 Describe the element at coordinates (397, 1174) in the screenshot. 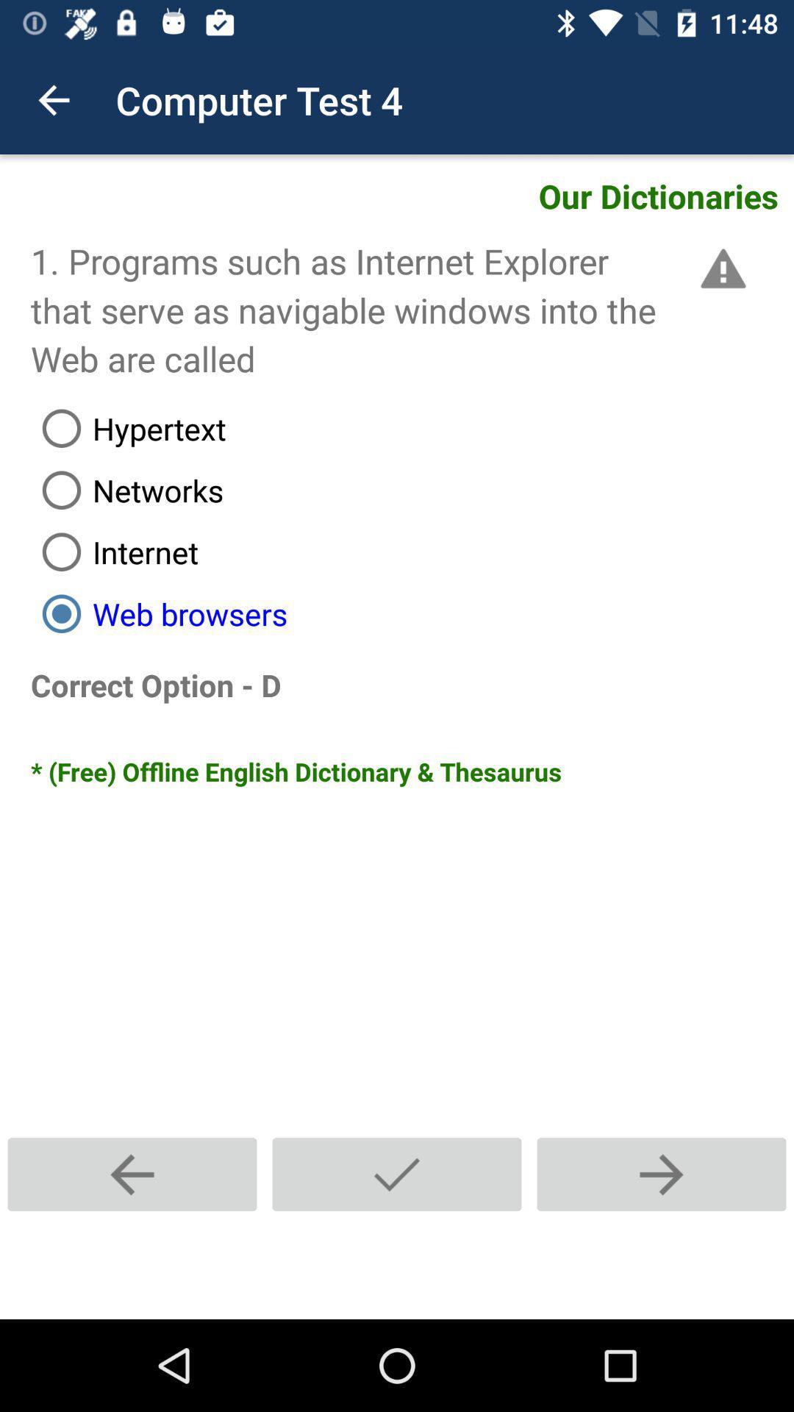

I see `the item below the free offline english item` at that location.